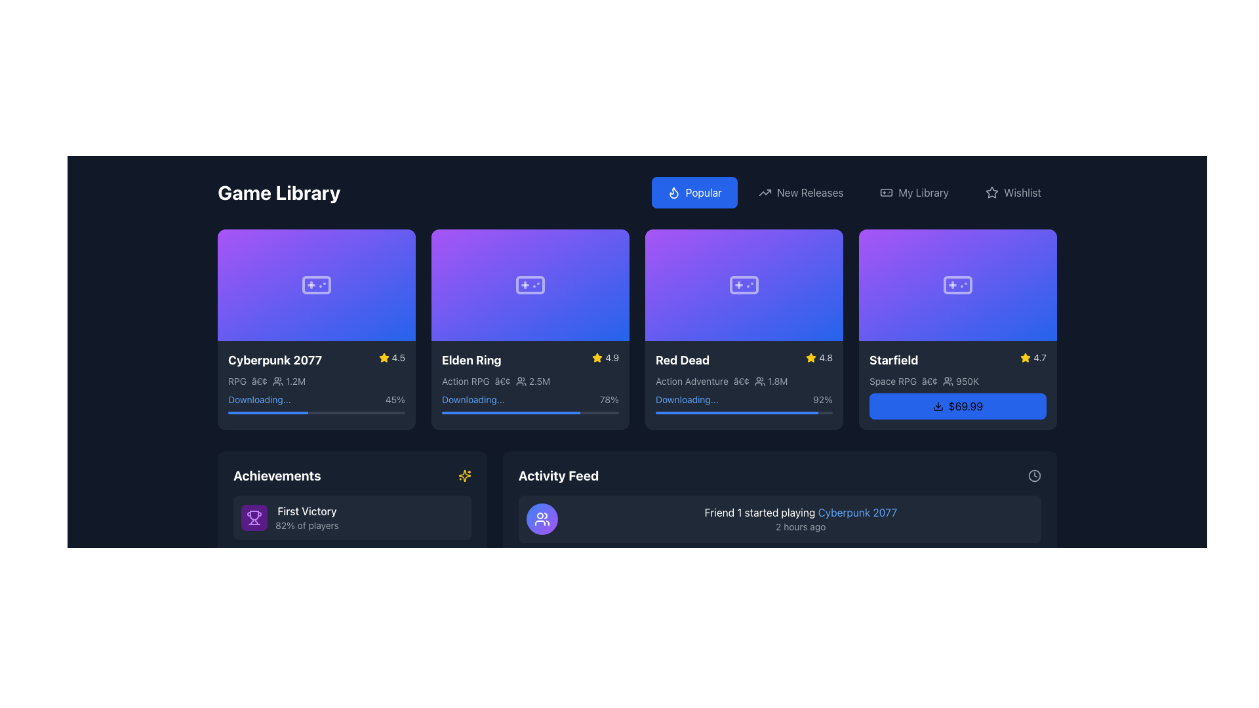  Describe the element at coordinates (317, 399) in the screenshot. I see `the status display indicating the download progress for the game 'Cyberpunk 2077', located at the bottom of the card layout just above the progress bar` at that location.